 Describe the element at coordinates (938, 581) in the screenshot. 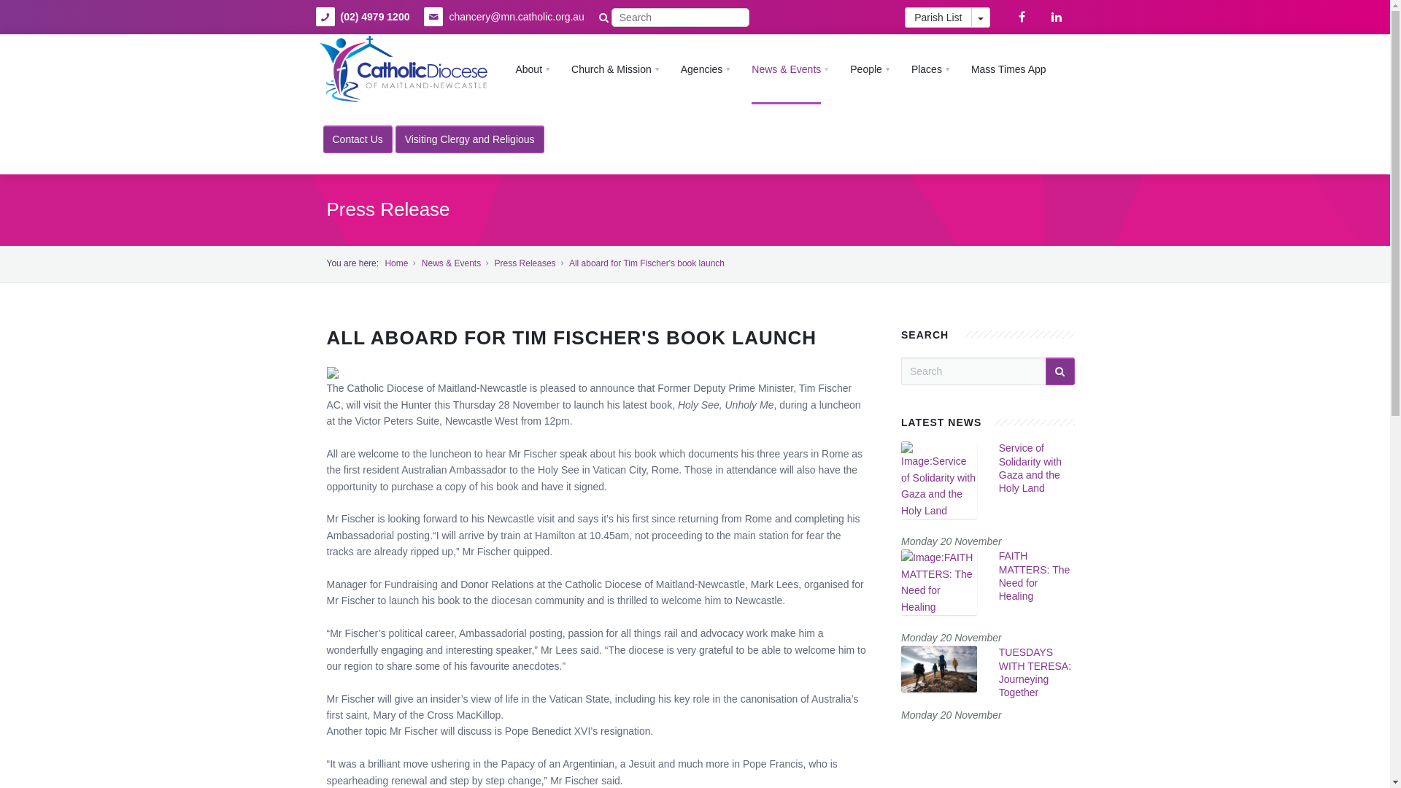

I see `'FAITH MATTERS: The Need for Healing'` at that location.